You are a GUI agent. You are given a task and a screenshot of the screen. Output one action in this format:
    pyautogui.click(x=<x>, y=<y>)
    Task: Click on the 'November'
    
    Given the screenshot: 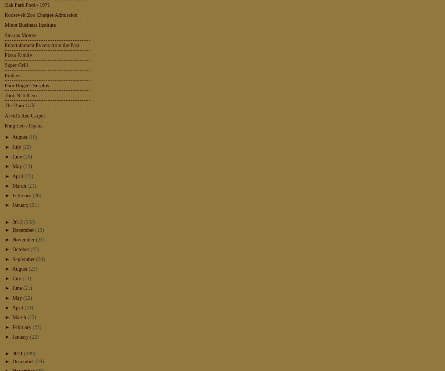 What is the action you would take?
    pyautogui.click(x=23, y=239)
    